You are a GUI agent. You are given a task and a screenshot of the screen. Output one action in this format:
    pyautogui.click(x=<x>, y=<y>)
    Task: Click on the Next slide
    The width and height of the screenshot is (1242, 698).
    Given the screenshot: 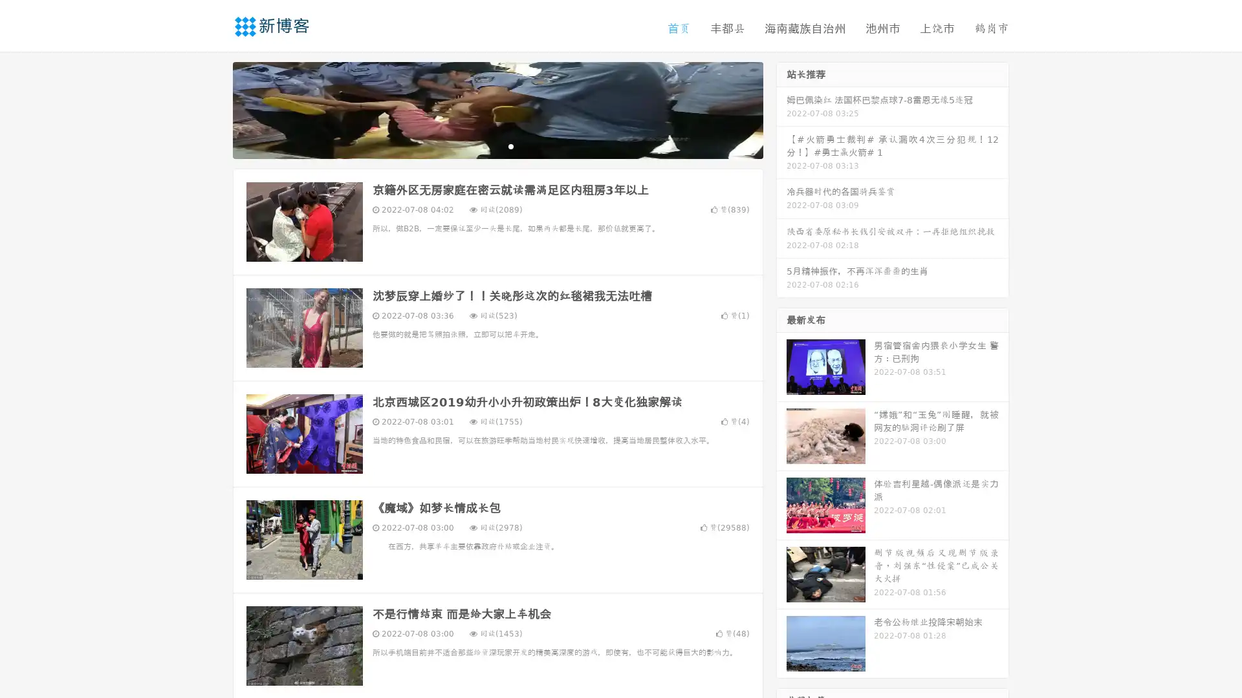 What is the action you would take?
    pyautogui.click(x=781, y=109)
    